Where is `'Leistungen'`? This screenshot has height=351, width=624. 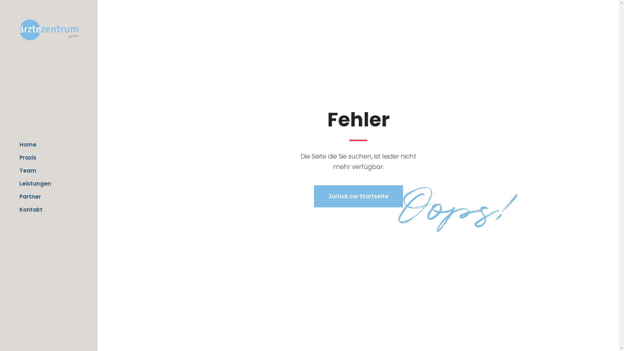
'Leistungen' is located at coordinates (48, 183).